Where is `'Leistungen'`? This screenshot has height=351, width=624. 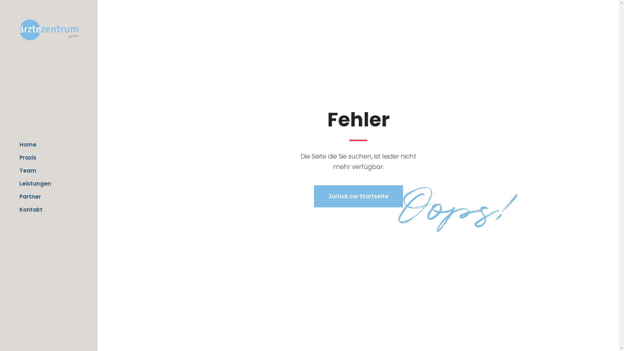
'Leistungen' is located at coordinates (48, 183).